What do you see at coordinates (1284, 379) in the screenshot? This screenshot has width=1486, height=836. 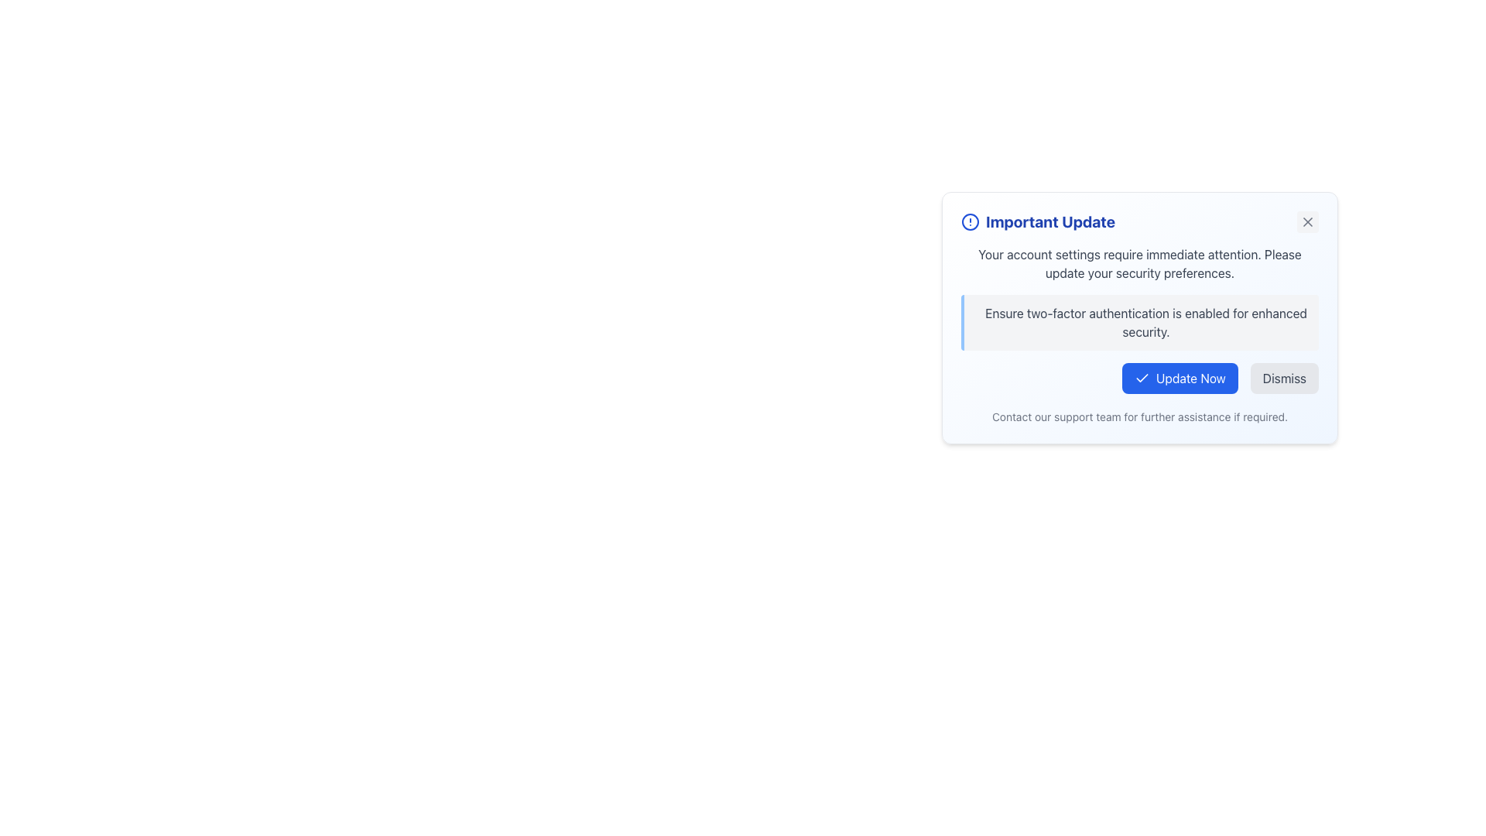 I see `the 'Dismiss' button, which is a rectangular button with a light gray background and rounded corners, containing the text 'Dismiss' in dark gray font, located within the notification panel to the right of the 'Update Now' button` at bounding box center [1284, 379].